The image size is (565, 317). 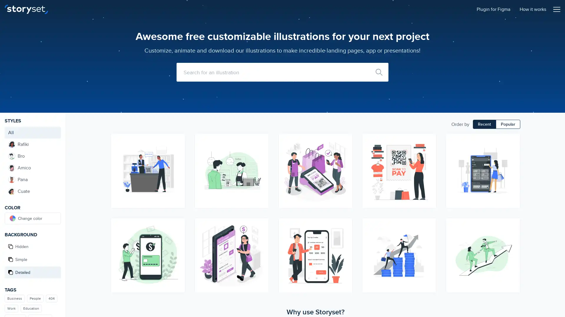 I want to click on wand icon Animate, so click(x=345, y=141).